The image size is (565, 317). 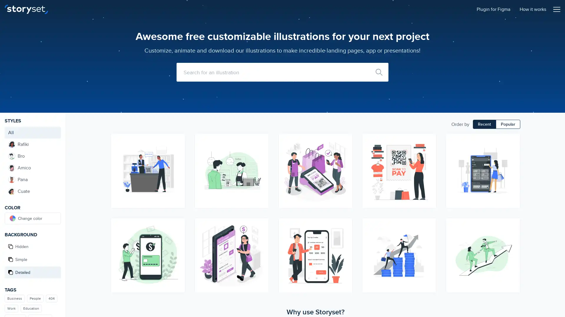 I want to click on wand icon Animate, so click(x=345, y=141).